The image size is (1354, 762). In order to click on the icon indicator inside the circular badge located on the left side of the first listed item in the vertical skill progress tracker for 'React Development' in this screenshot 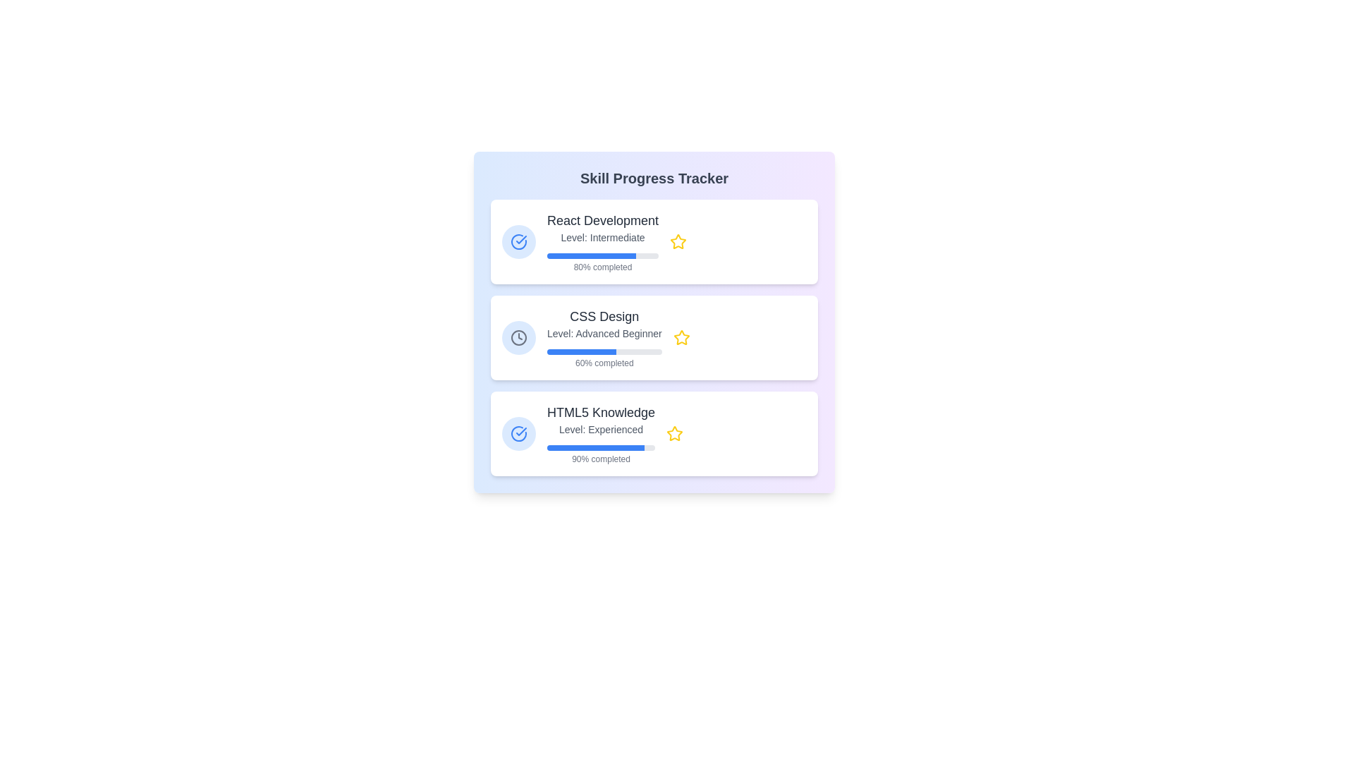, I will do `click(518, 241)`.